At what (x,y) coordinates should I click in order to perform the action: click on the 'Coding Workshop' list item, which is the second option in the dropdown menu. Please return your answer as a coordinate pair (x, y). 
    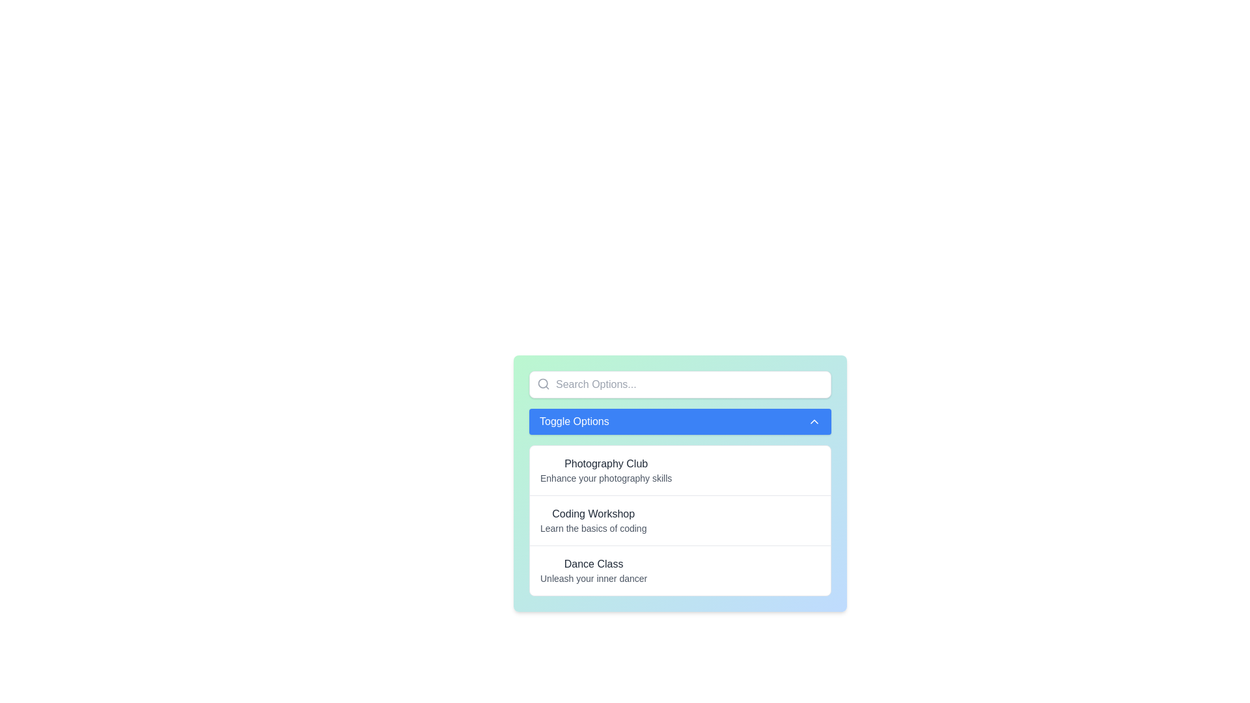
    Looking at the image, I should click on (592, 519).